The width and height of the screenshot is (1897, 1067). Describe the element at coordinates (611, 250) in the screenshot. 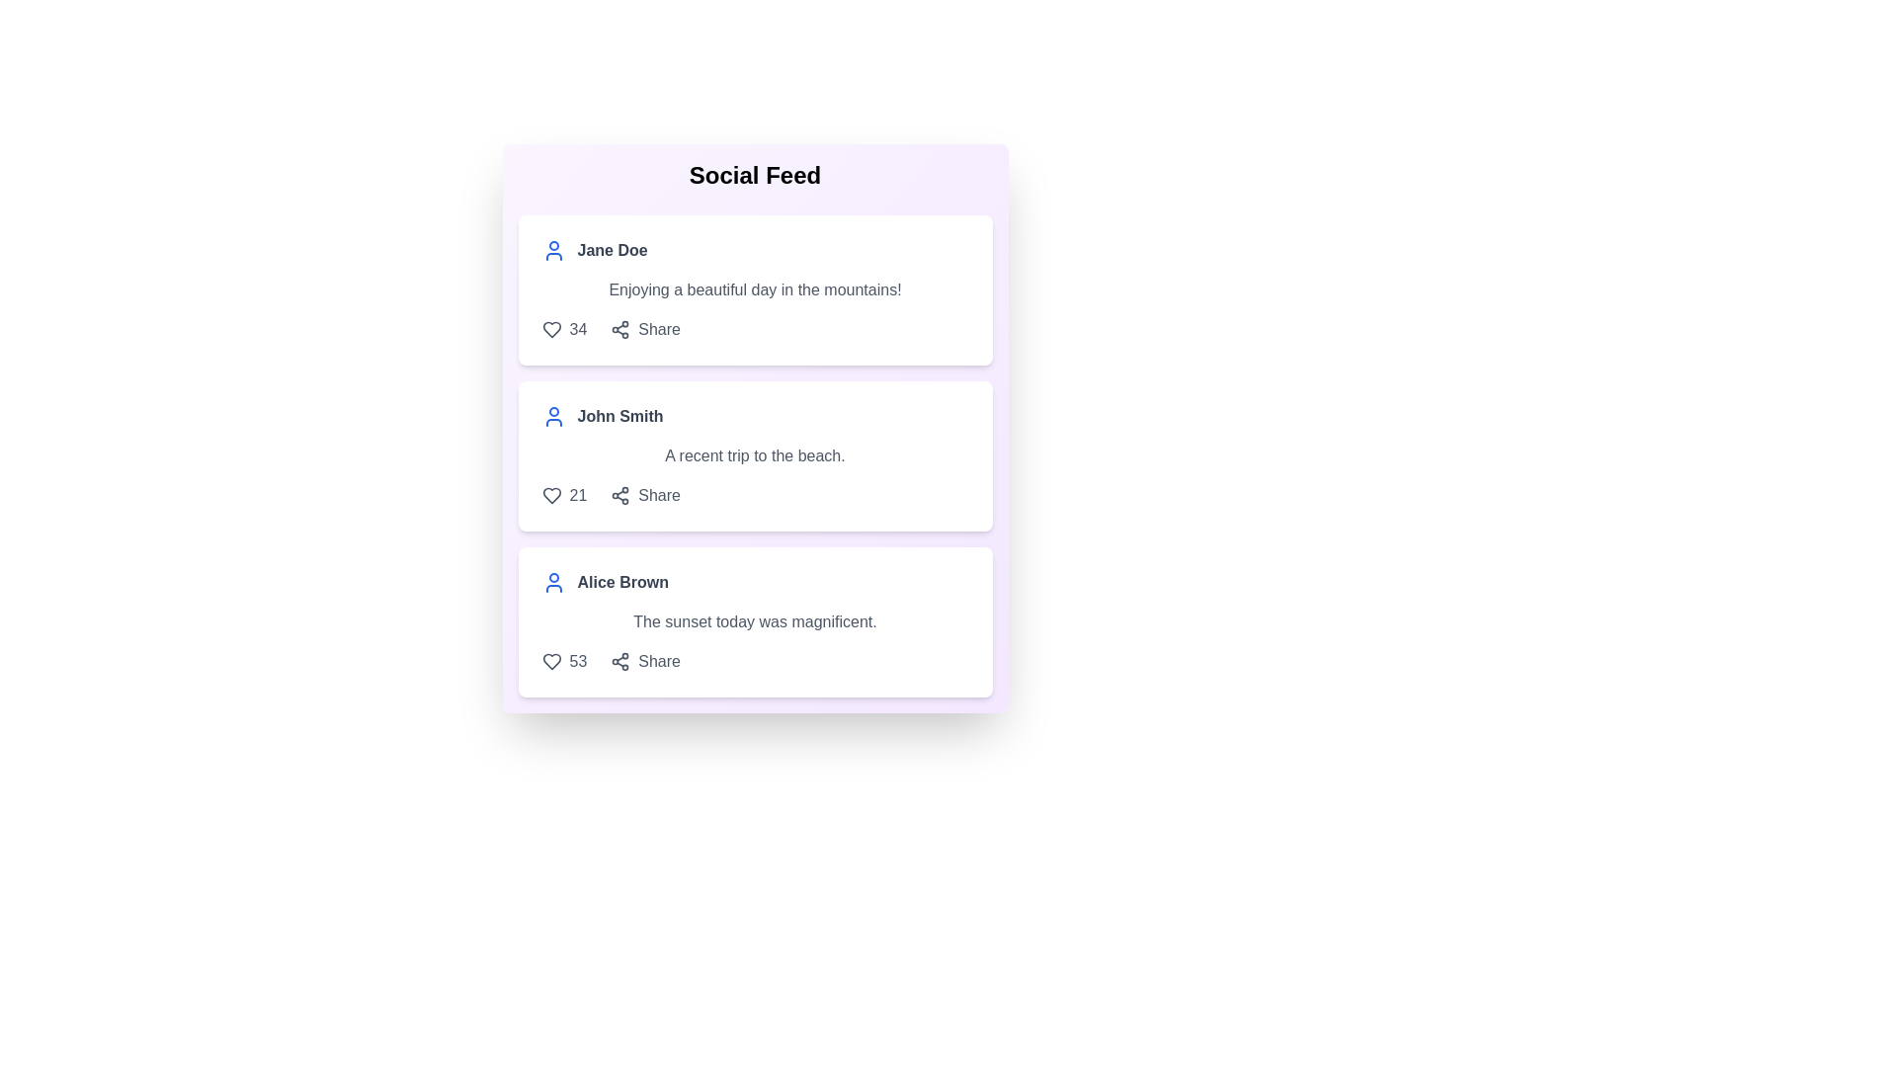

I see `the username of the post's author to view more details` at that location.